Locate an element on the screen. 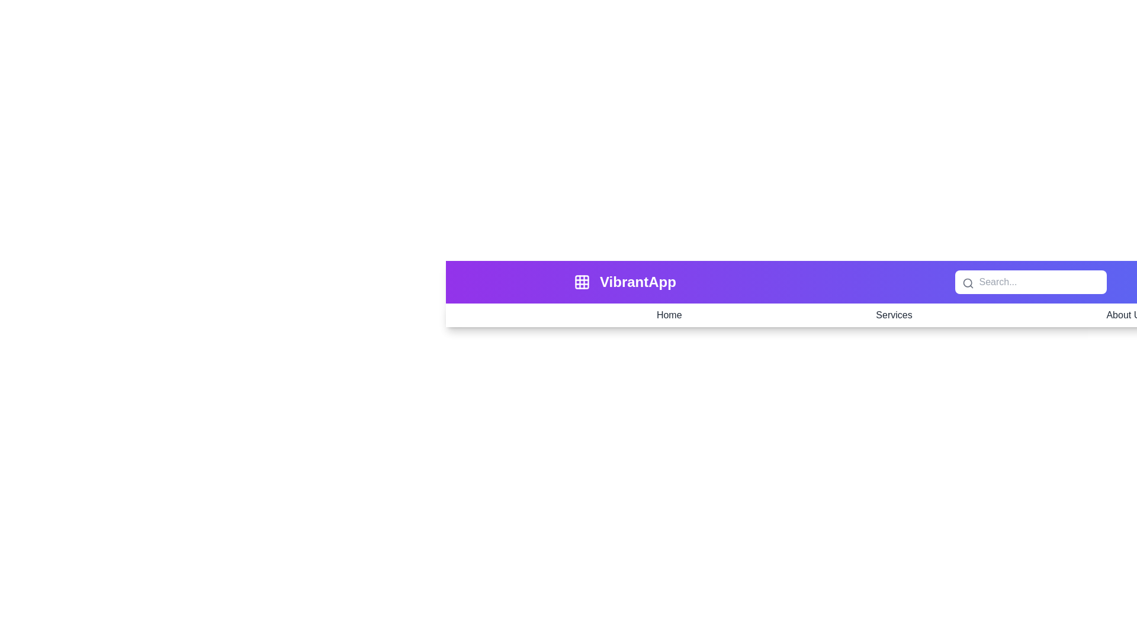 The height and width of the screenshot is (639, 1137). the navigation item Home is located at coordinates (669, 314).